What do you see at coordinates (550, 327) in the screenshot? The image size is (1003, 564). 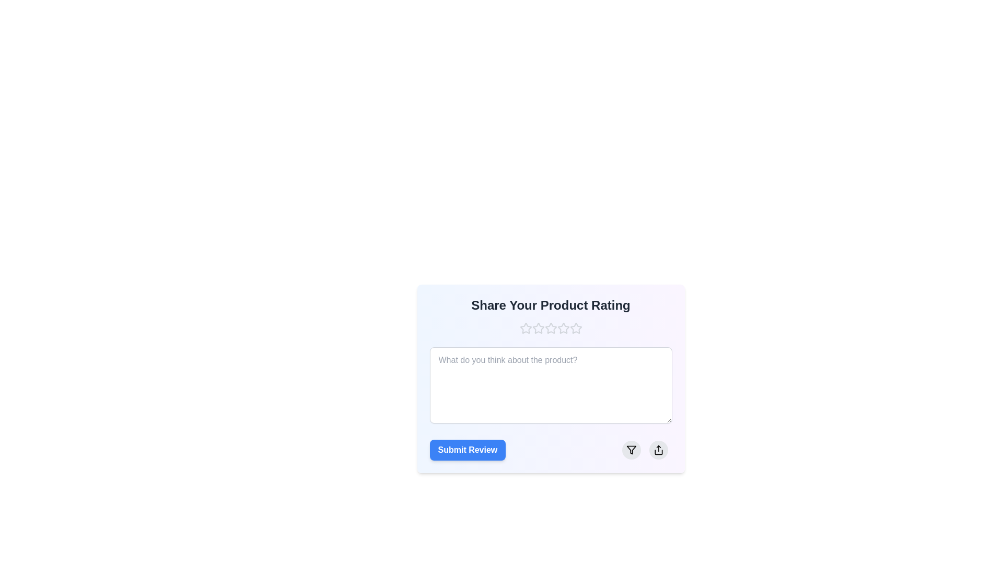 I see `the interactive star icon` at bounding box center [550, 327].